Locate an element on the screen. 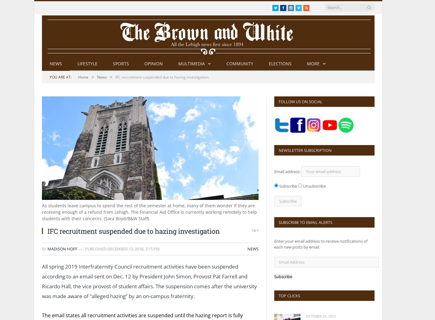 Image resolution: width=435 pixels, height=320 pixels. 'By' is located at coordinates (44, 248).